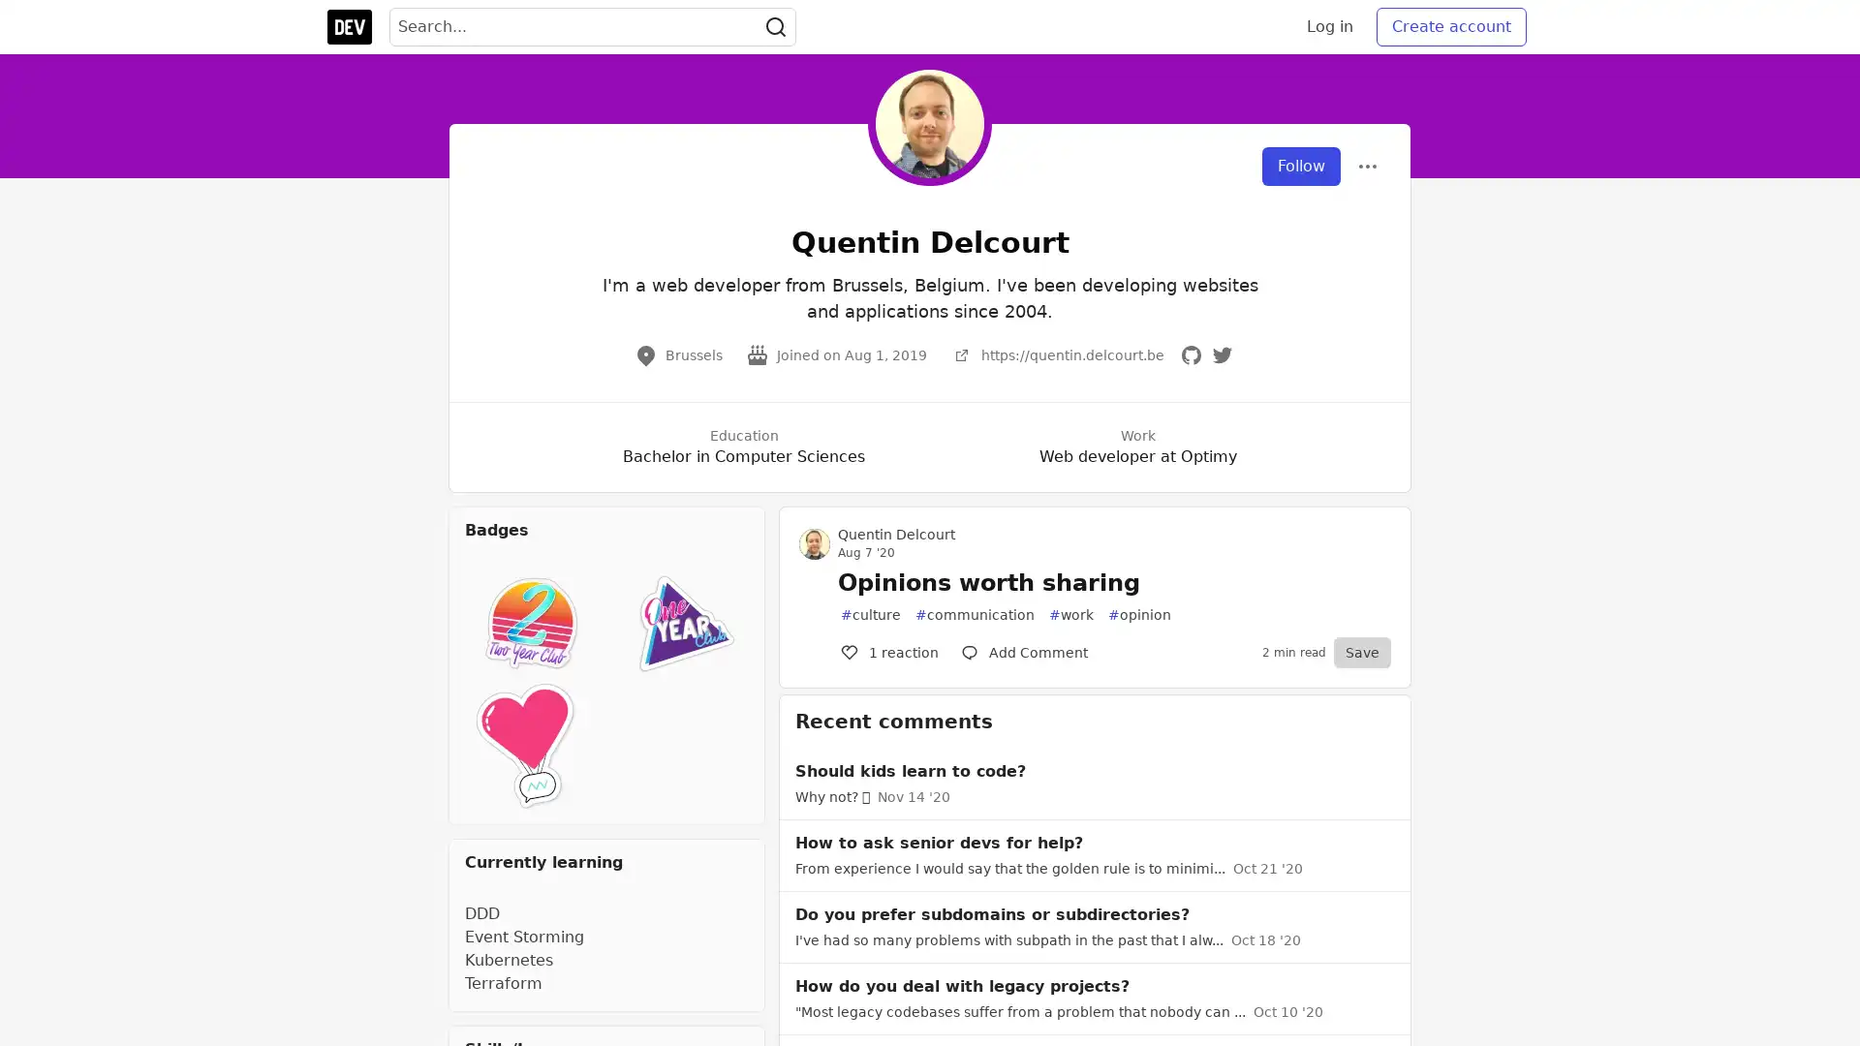 This screenshot has width=1860, height=1046. I want to click on Search, so click(776, 26).